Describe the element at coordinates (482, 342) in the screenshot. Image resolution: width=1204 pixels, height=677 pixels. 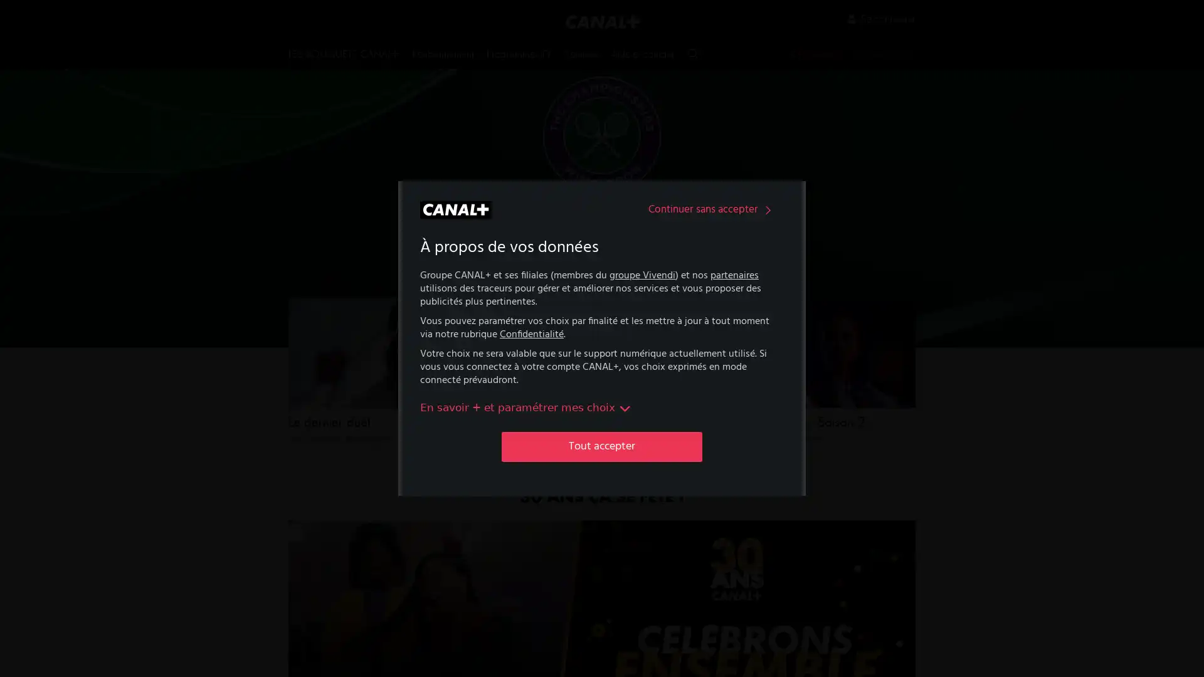
I see `Cameroun` at that location.